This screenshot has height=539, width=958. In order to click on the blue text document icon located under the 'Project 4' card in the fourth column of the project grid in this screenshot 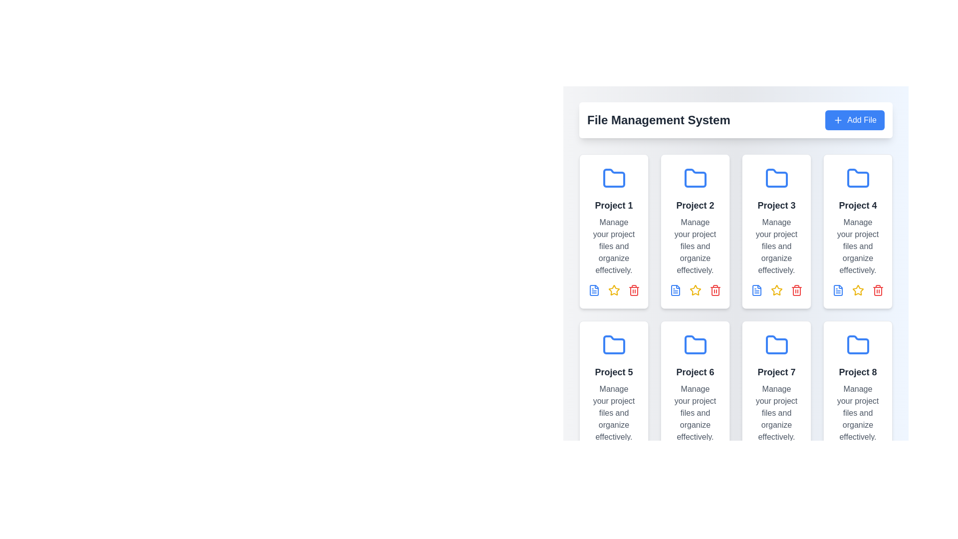, I will do `click(838, 290)`.